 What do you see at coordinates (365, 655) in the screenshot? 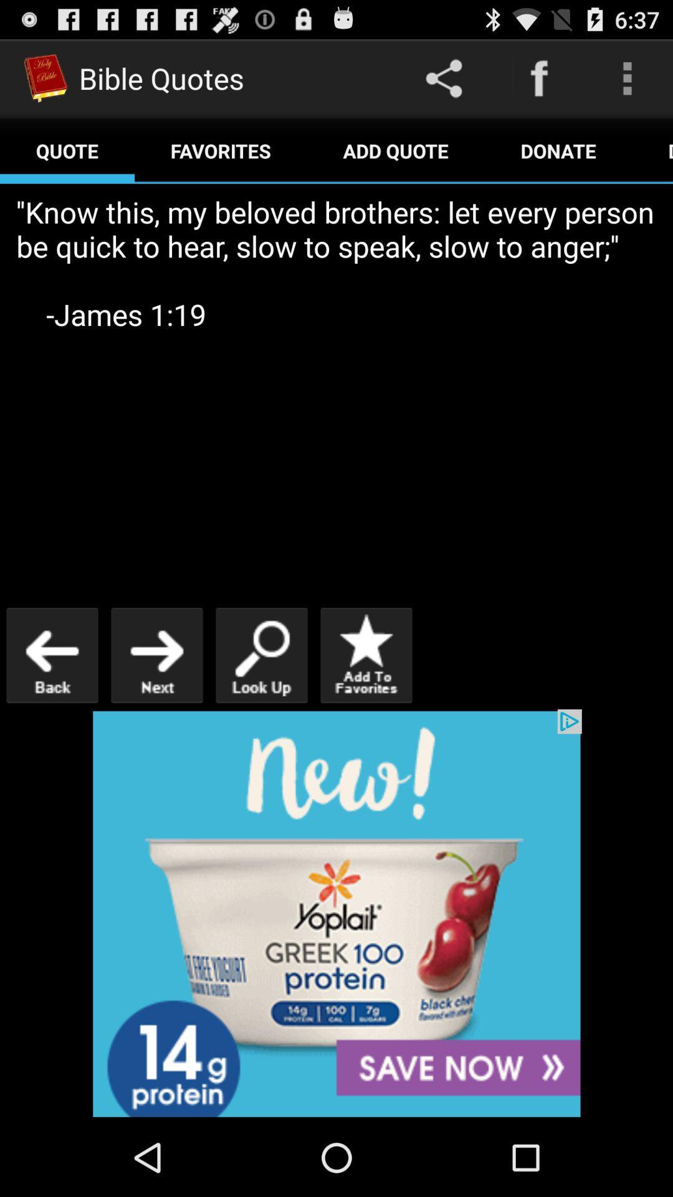
I see `to favourites` at bounding box center [365, 655].